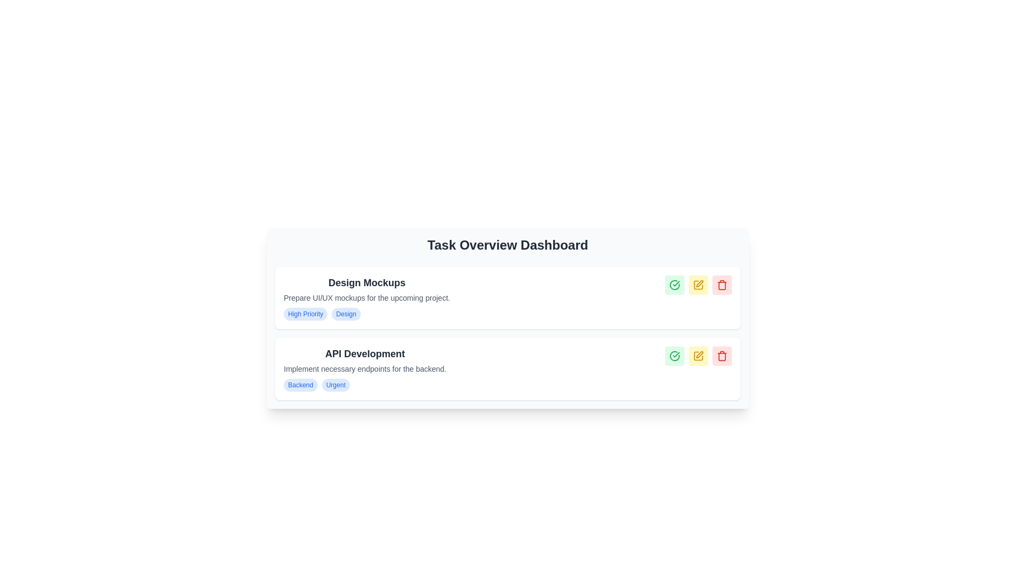 Image resolution: width=1034 pixels, height=581 pixels. I want to click on the green circular button with a checkmark icon located in the action bar of the 'API Development' section, which is the first icon in a row of three, so click(674, 356).